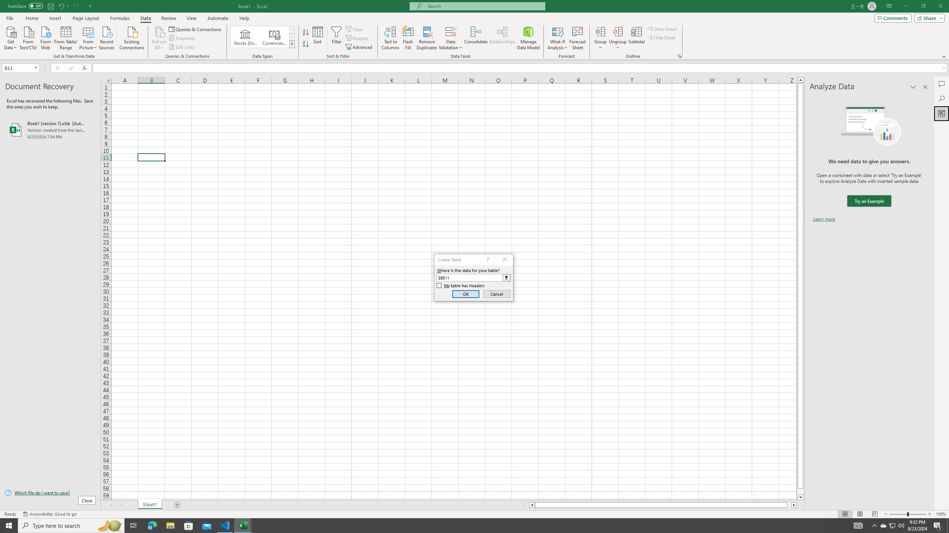  Describe the element at coordinates (636, 38) in the screenshot. I see `'Subtotal'` at that location.